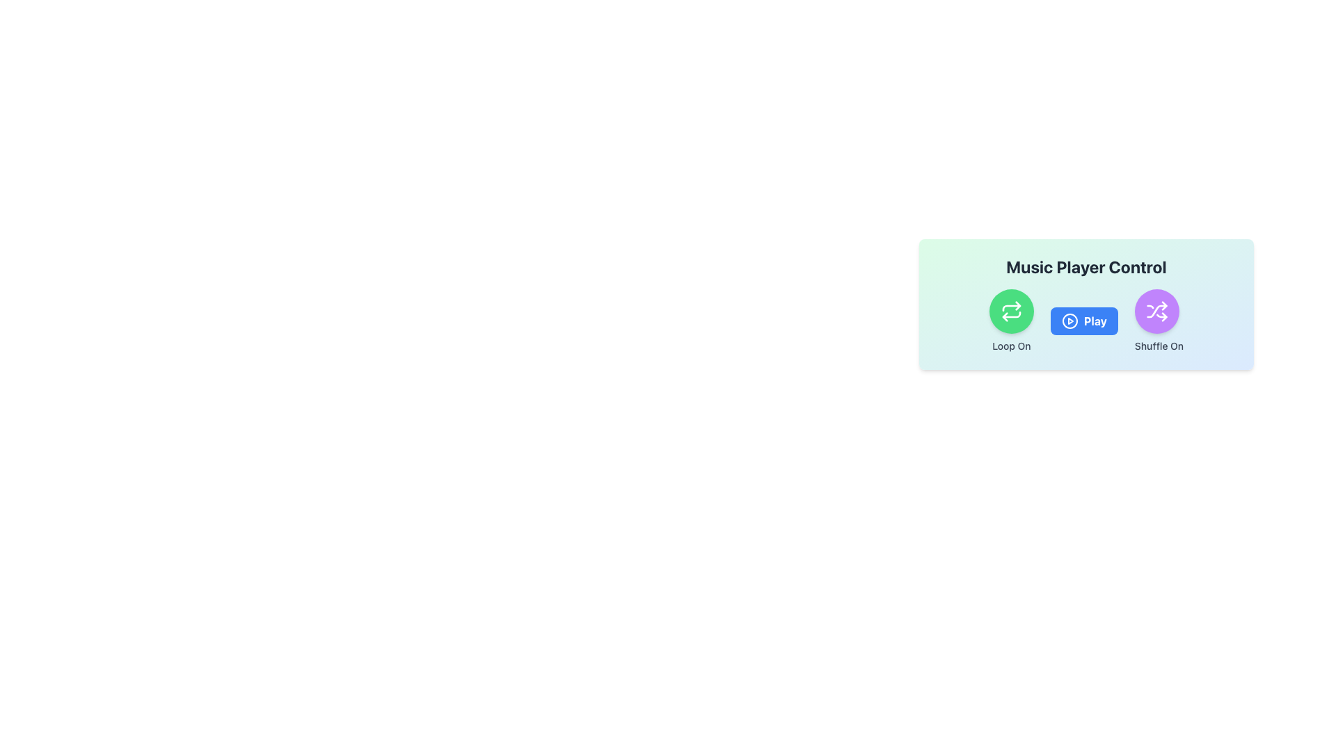  What do you see at coordinates (1095, 321) in the screenshot?
I see `the bold-texted 'Play' button displayed in white on a blue rectangular button located centrally within the music control panel interface` at bounding box center [1095, 321].